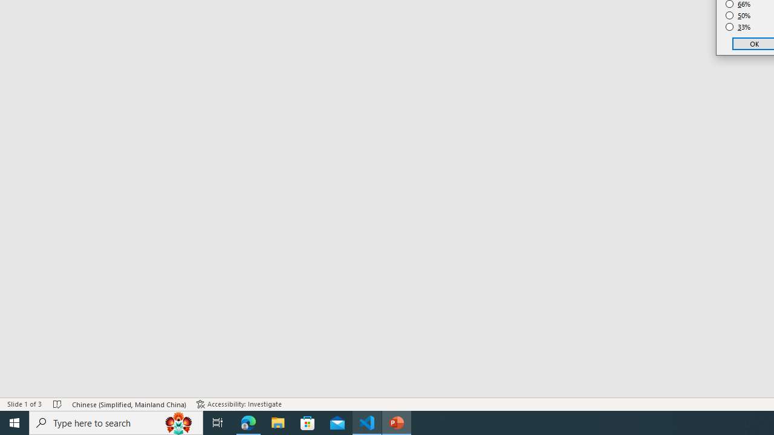  Describe the element at coordinates (308, 422) in the screenshot. I see `'Microsoft Store'` at that location.